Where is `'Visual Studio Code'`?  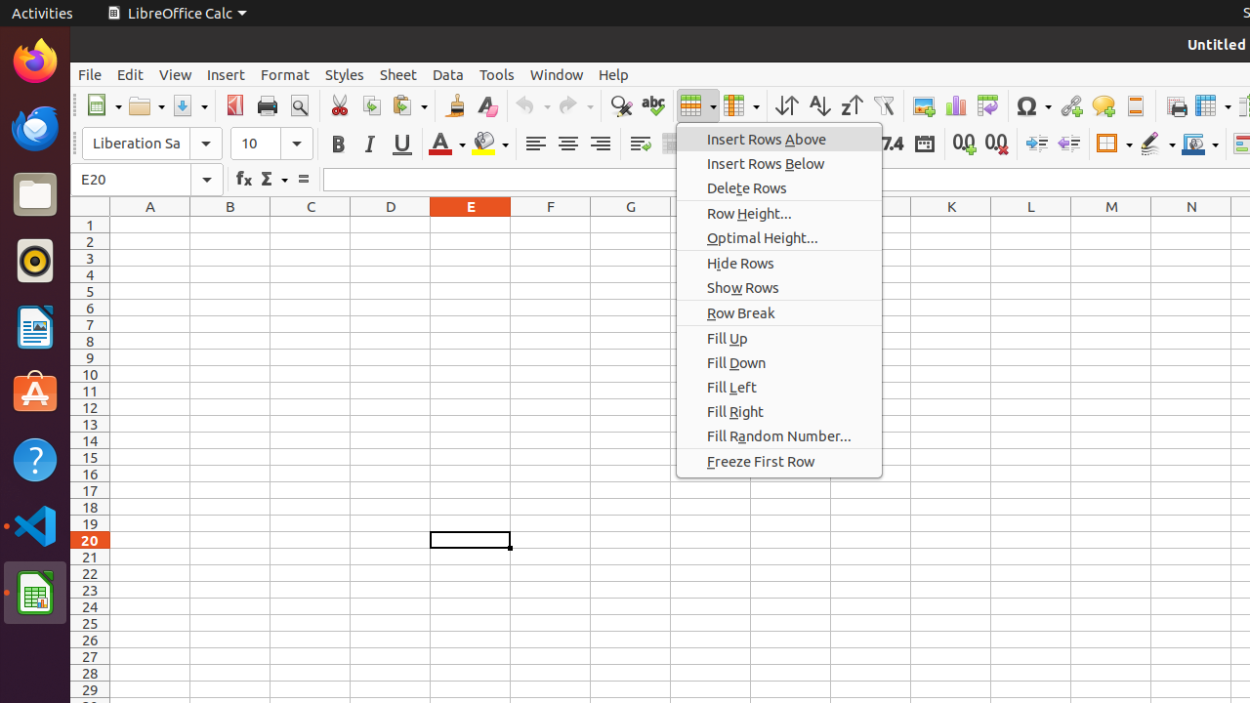 'Visual Studio Code' is located at coordinates (34, 524).